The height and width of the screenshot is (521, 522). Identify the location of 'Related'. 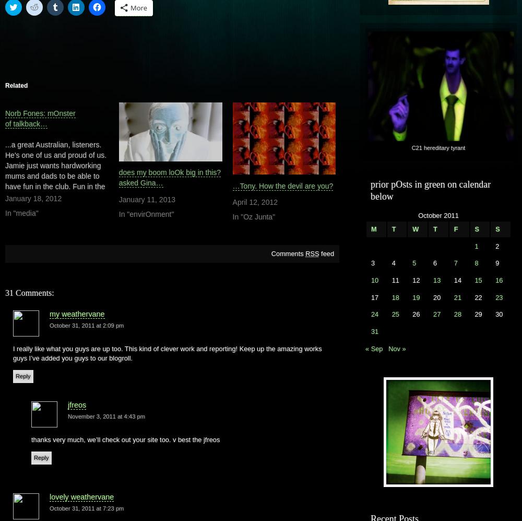
(16, 85).